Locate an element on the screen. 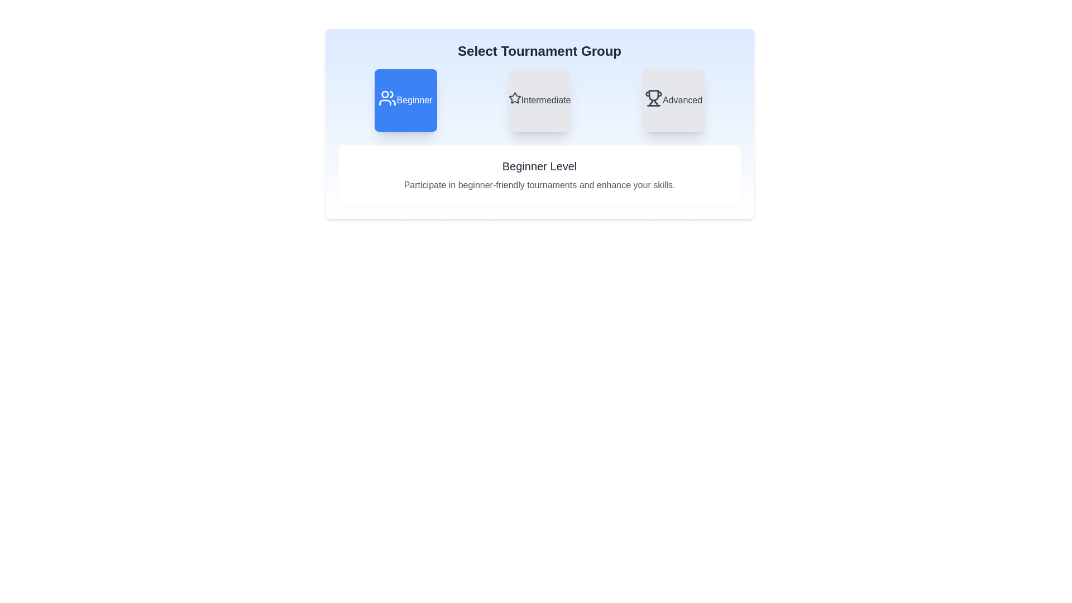 The width and height of the screenshot is (1072, 603). text label that says 'Beginner', which is styled in white over a blue background and is centrally aligned within the leftmost rounded square button is located at coordinates (414, 100).